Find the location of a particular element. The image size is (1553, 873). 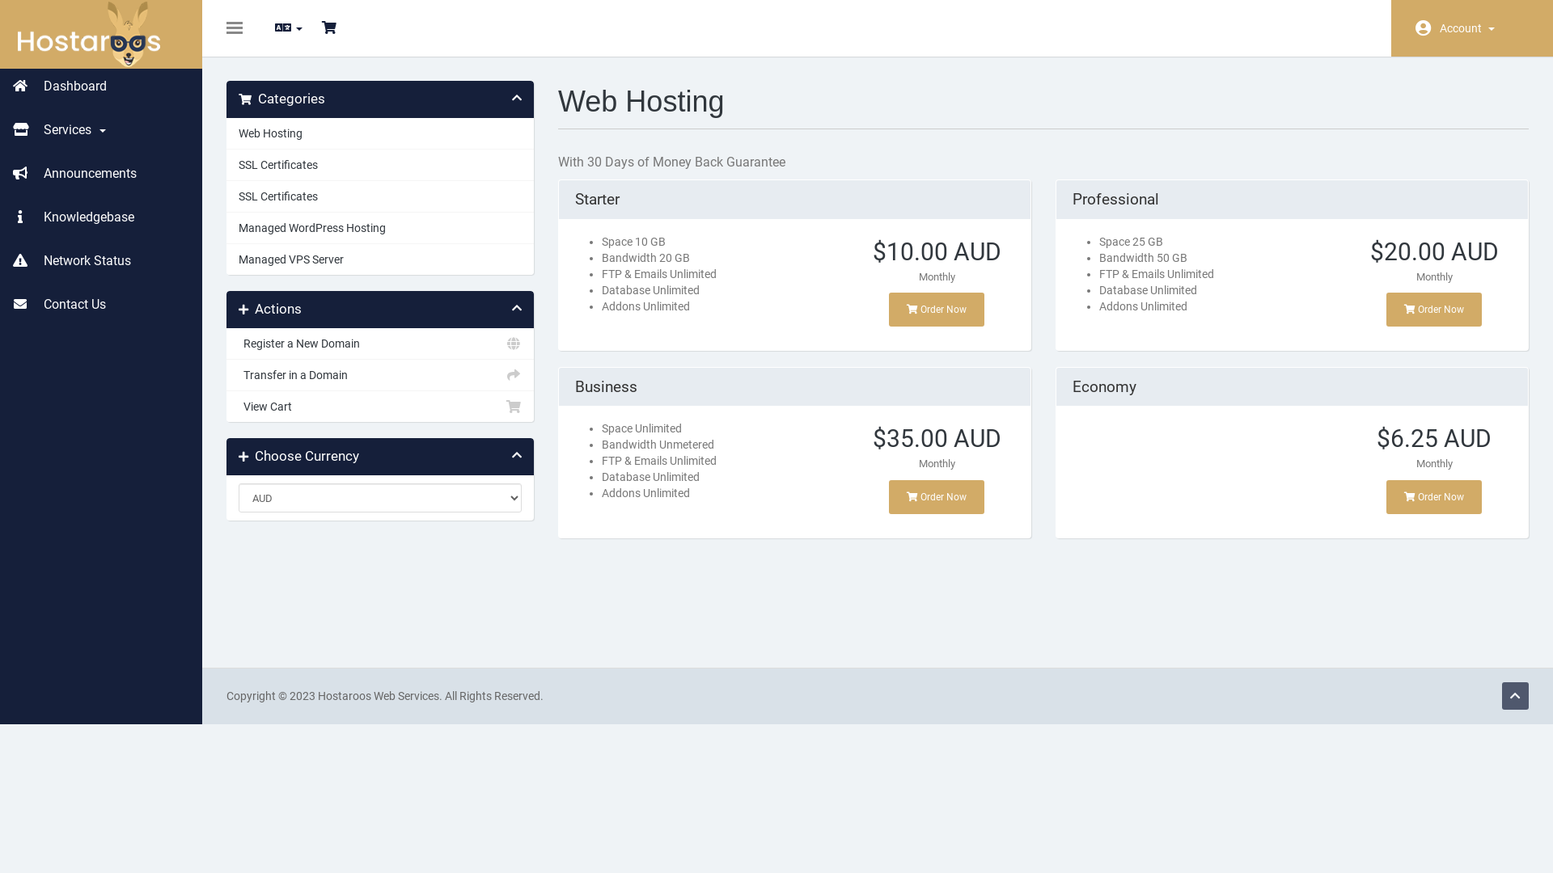

'Toggle navigation' is located at coordinates (233, 27).